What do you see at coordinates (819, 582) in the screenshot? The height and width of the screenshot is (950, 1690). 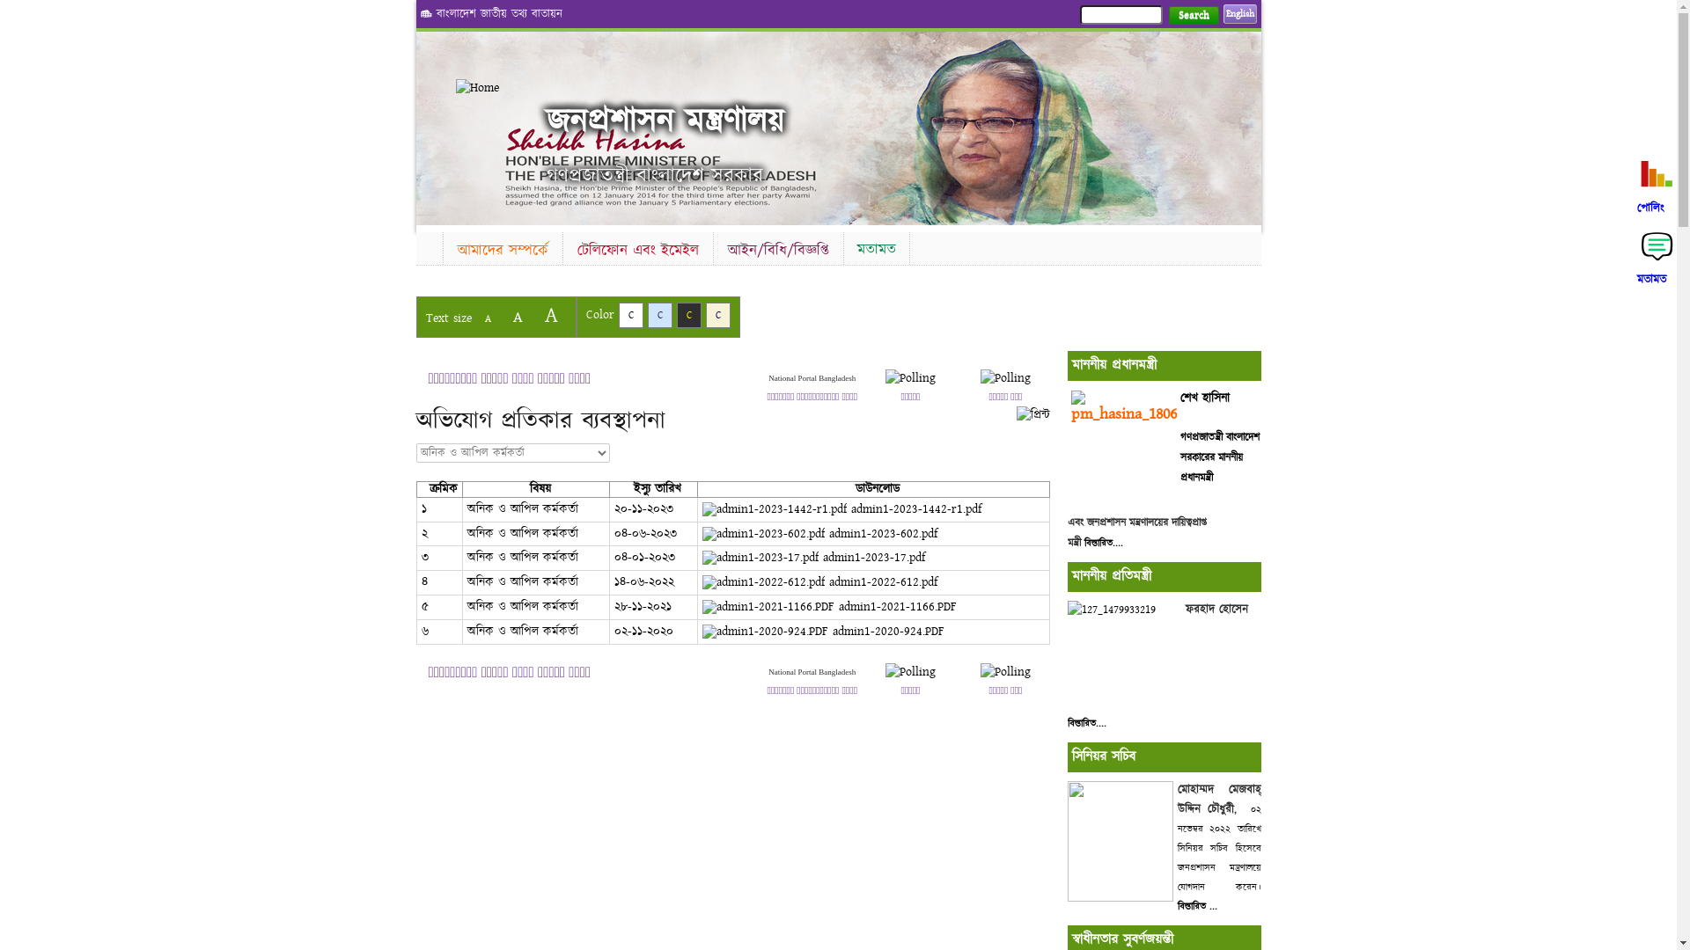 I see `'admin1-2022-612.pdf'` at bounding box center [819, 582].